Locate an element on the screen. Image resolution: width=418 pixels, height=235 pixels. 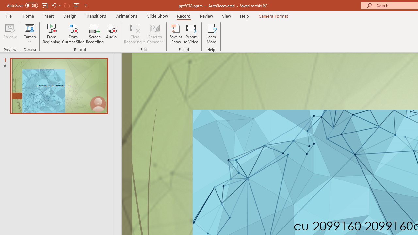
'Camera Format' is located at coordinates (273, 16).